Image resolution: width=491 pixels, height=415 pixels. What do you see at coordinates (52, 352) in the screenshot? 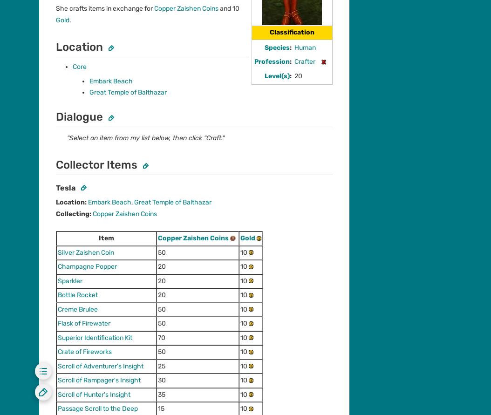
I see `'Media Kit'` at bounding box center [52, 352].